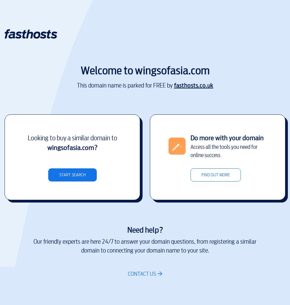 The width and height of the screenshot is (290, 305). I want to click on '?', so click(95, 147).